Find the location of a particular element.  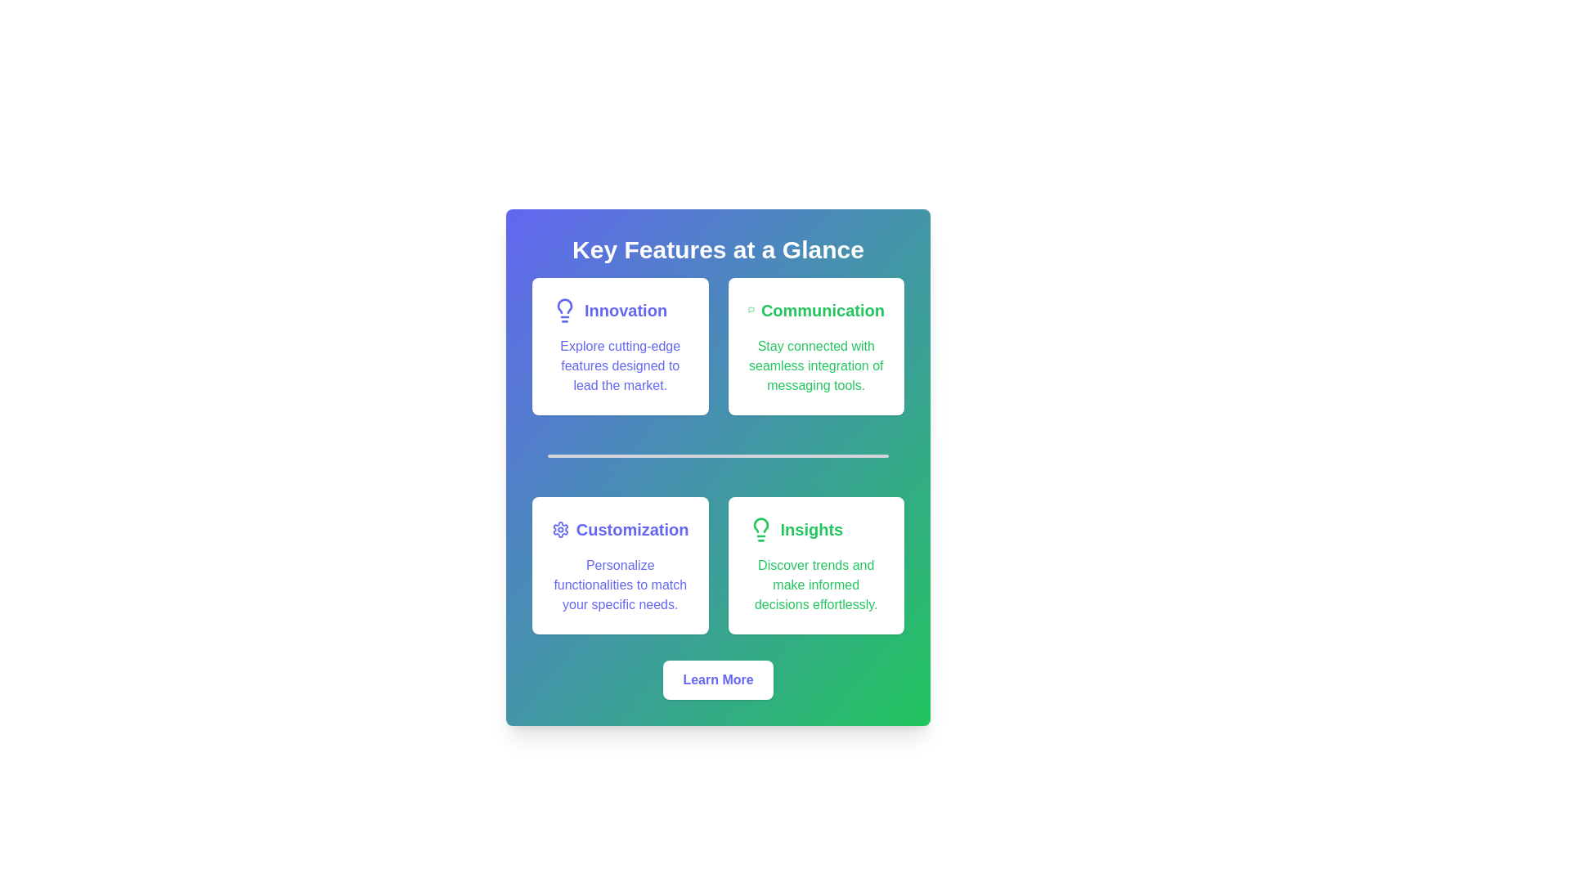

text content of the 'Insights' Text Label, which is bold and slightly larger, located towards the bottom-right corner of its section, accompanied by a light bulb icon is located at coordinates (811, 530).